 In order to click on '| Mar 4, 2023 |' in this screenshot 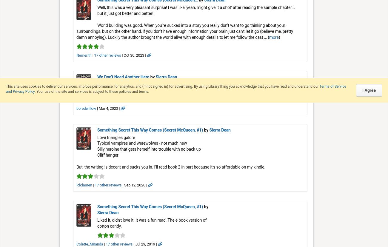, I will do `click(108, 108)`.